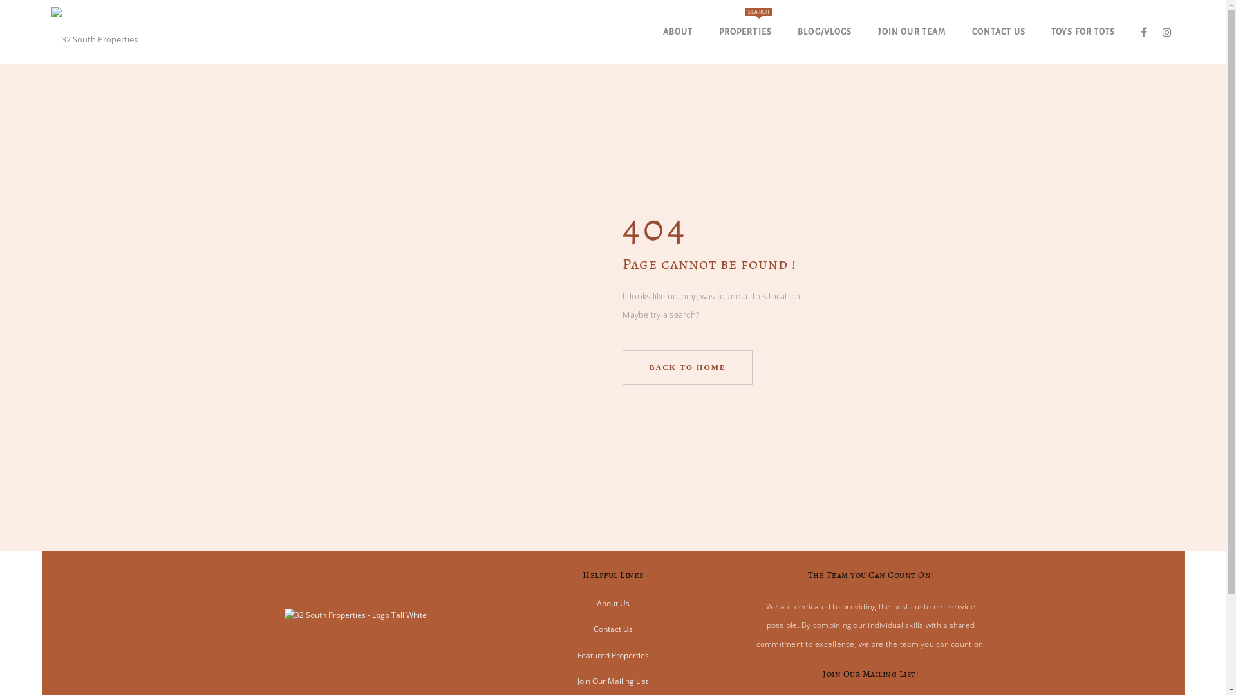 The image size is (1236, 695). What do you see at coordinates (709, 32) in the screenshot?
I see `'PROPERTIES` at bounding box center [709, 32].